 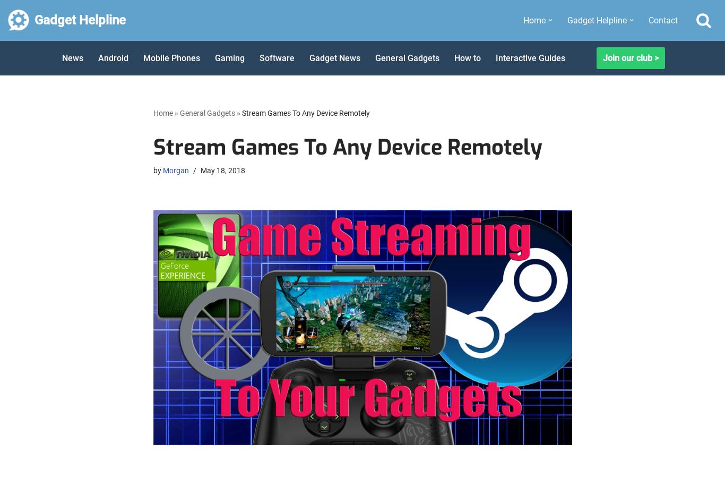 What do you see at coordinates (575, 39) in the screenshot?
I see `'Apple'` at bounding box center [575, 39].